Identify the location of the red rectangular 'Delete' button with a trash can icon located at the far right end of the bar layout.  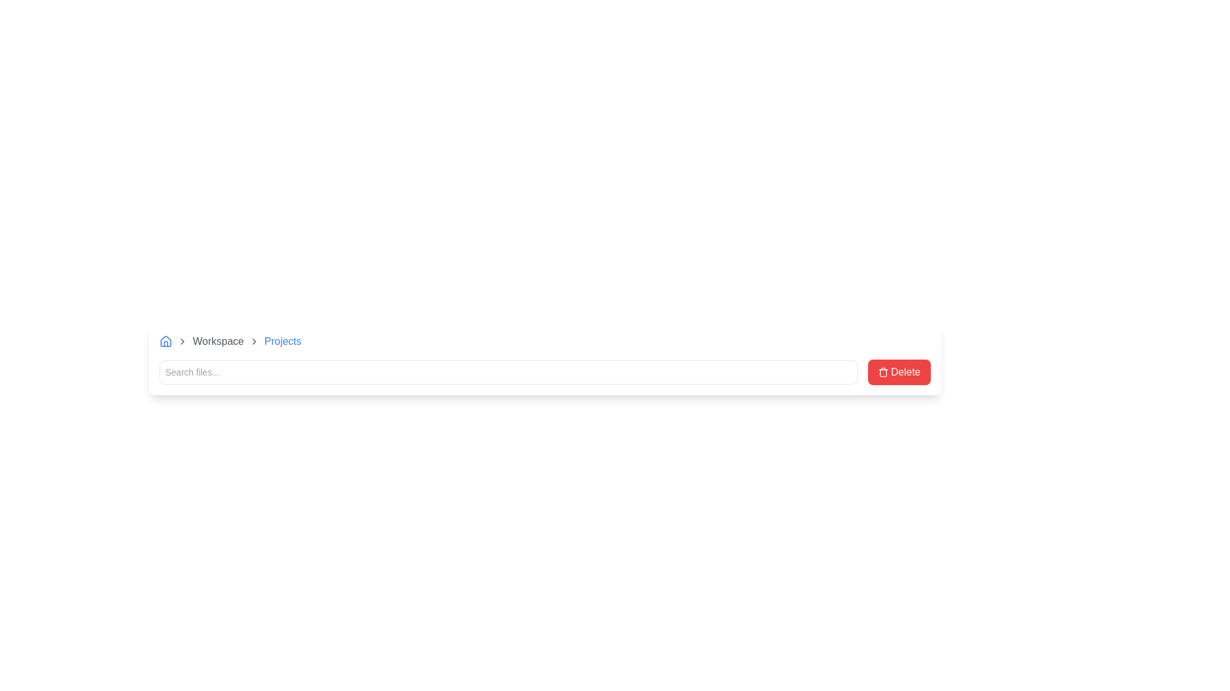
(898, 372).